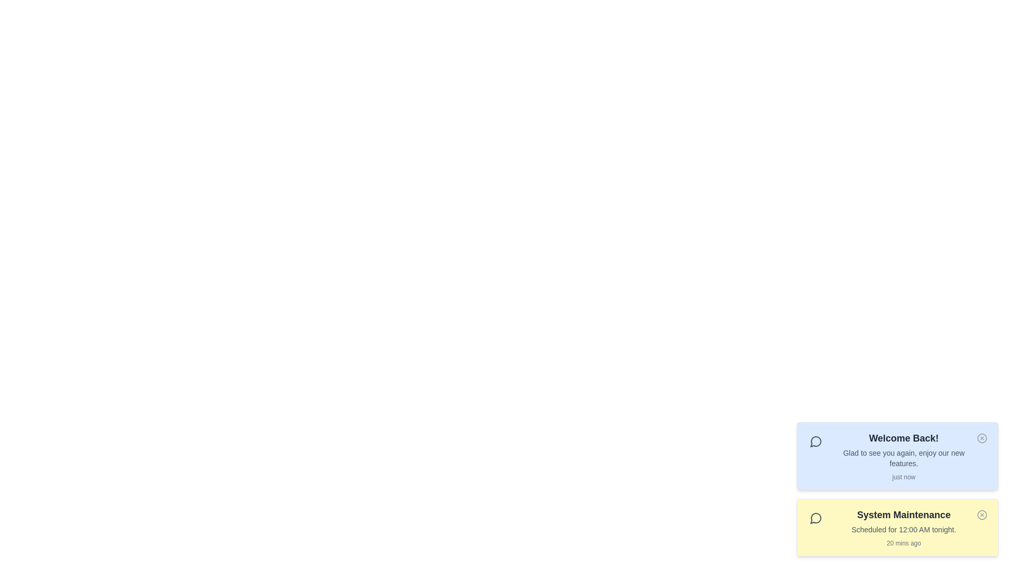  What do you see at coordinates (981, 438) in the screenshot?
I see `the notification icon for Welcome Back! to interact with it` at bounding box center [981, 438].